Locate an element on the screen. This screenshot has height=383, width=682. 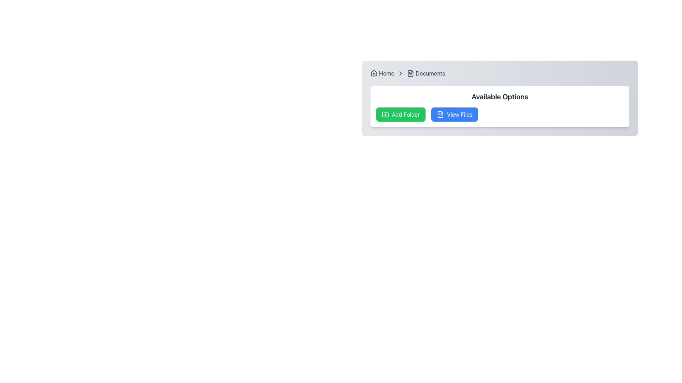
the 'Add Folder' text label, which is displayed in white on a green button with rounded corners, located towards the top-left side of the rectangular card is located at coordinates (406, 114).